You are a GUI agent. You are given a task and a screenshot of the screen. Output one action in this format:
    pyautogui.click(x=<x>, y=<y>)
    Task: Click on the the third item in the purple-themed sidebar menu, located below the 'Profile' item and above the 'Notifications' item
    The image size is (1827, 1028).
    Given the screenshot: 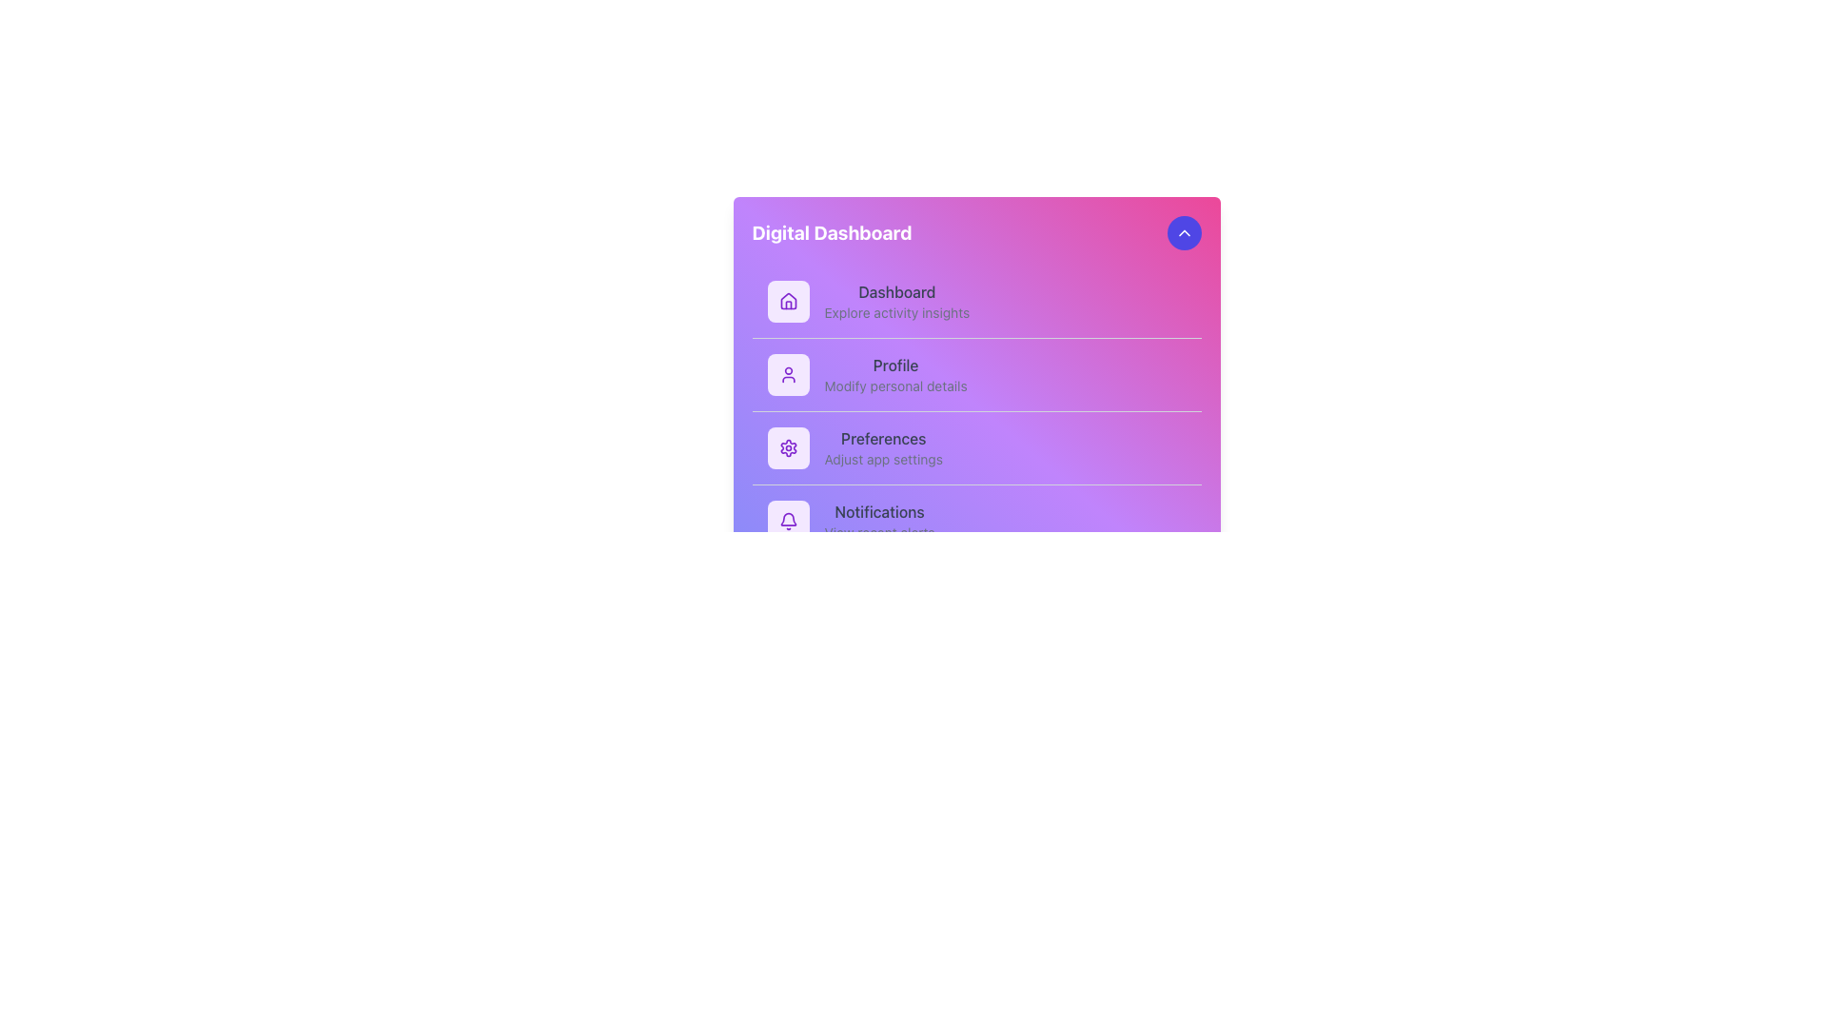 What is the action you would take?
    pyautogui.click(x=976, y=447)
    